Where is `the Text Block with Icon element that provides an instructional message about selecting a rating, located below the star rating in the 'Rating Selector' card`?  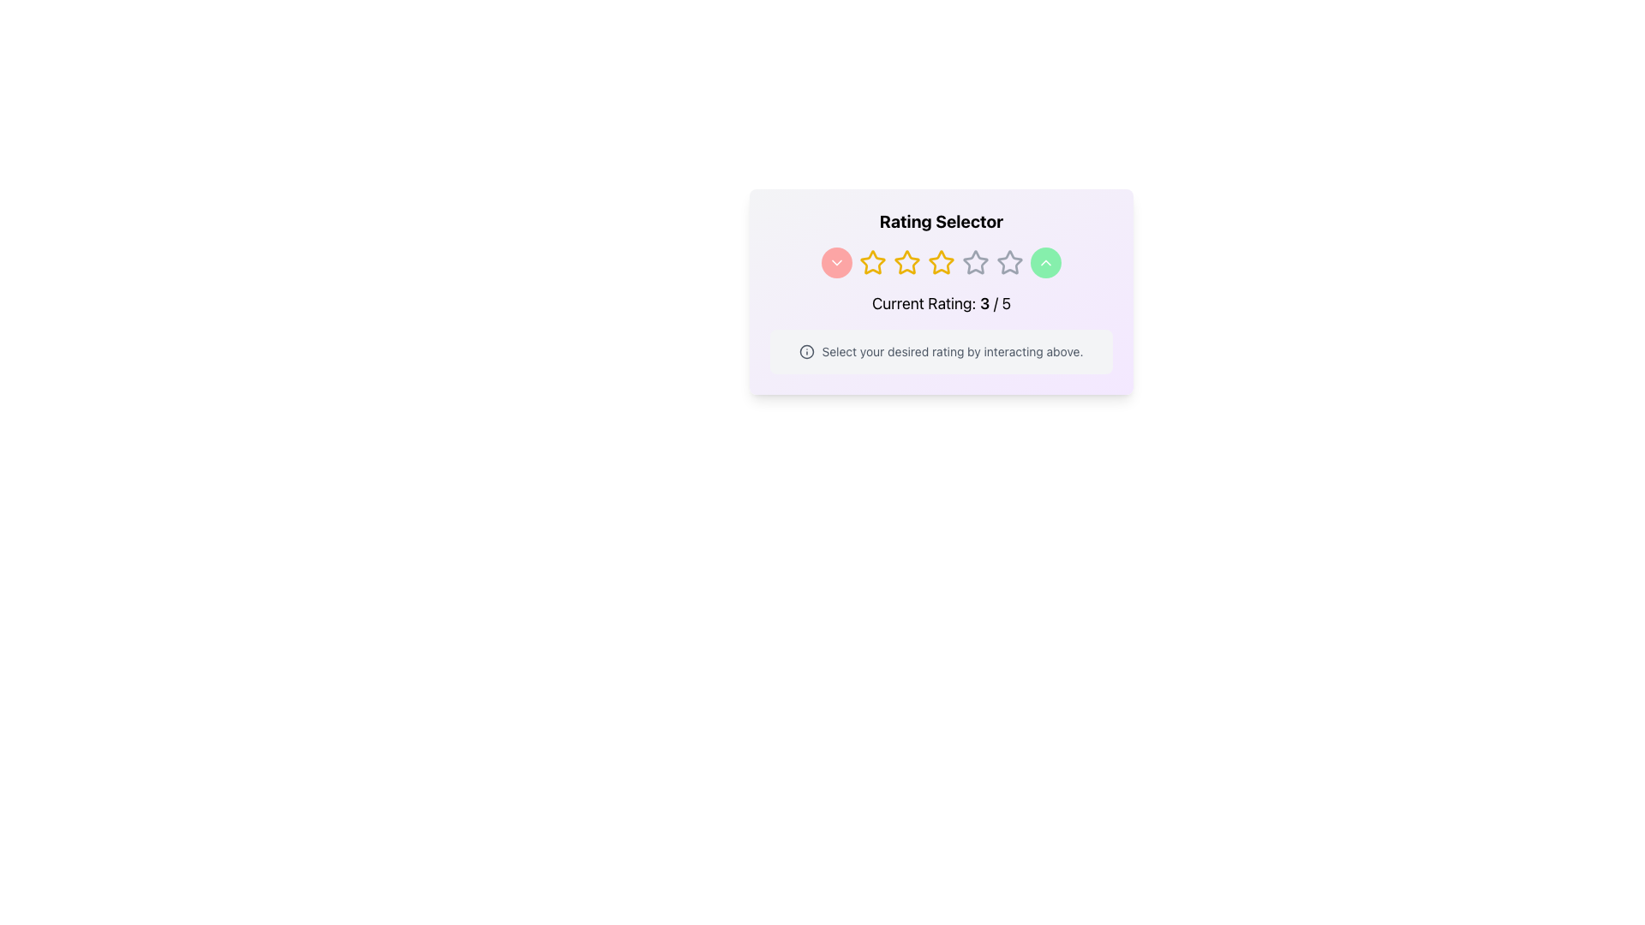
the Text Block with Icon element that provides an instructional message about selecting a rating, located below the star rating in the 'Rating Selector' card is located at coordinates (941, 351).